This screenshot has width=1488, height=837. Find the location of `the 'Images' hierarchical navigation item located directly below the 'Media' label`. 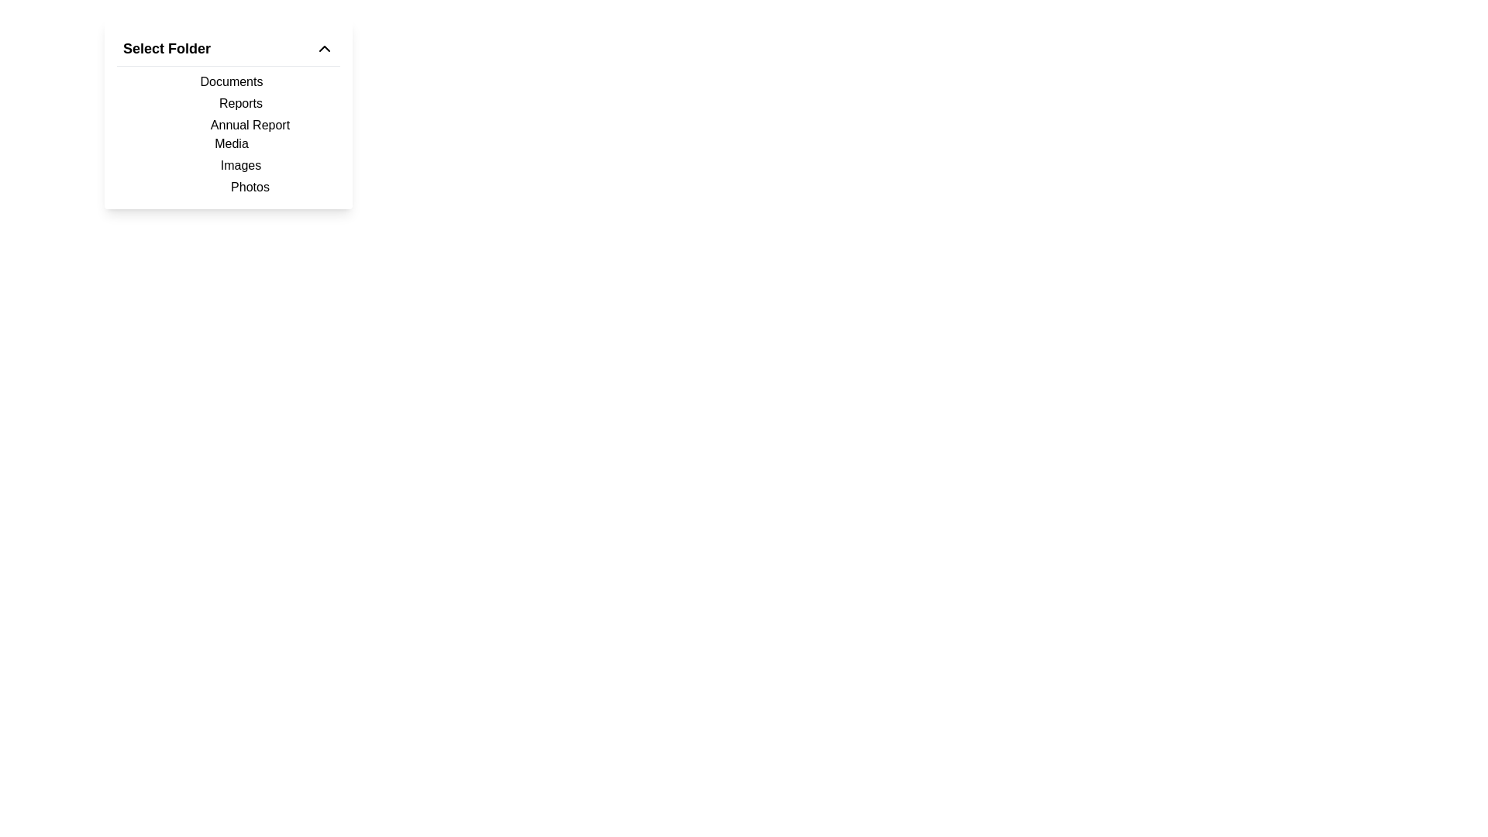

the 'Images' hierarchical navigation item located directly below the 'Media' label is located at coordinates (230, 174).